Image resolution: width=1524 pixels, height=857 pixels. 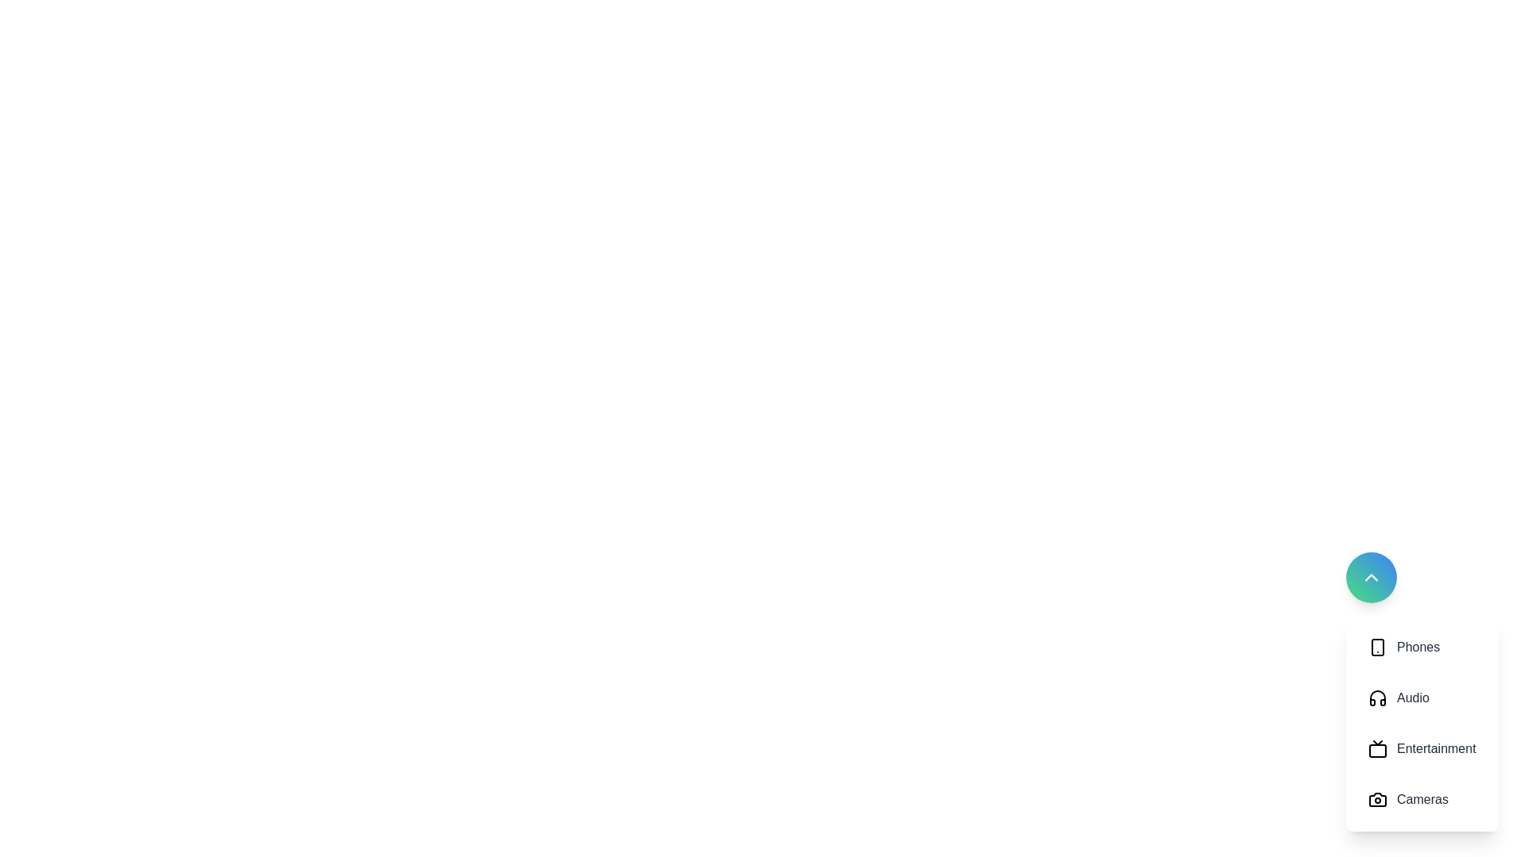 I want to click on the button corresponding to the category Cameras, so click(x=1422, y=799).